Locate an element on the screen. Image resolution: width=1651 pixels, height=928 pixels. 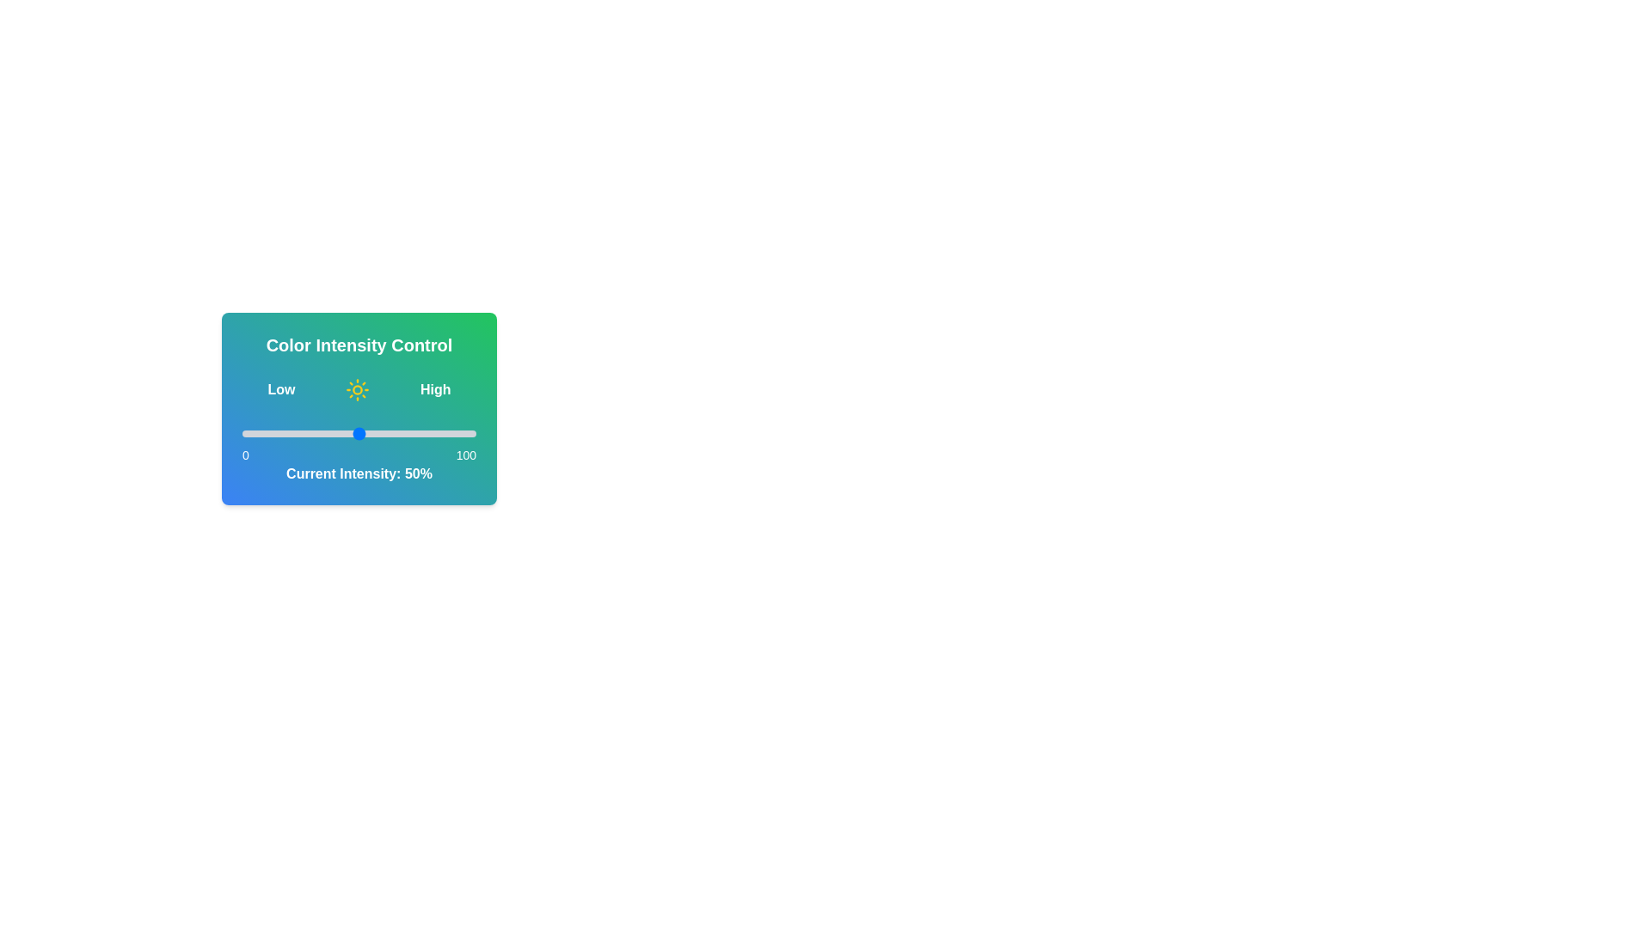
the static text labels displaying '0' on the left and '100' on the right, which are located below the slider component in the middle section of the interface is located at coordinates (358, 454).